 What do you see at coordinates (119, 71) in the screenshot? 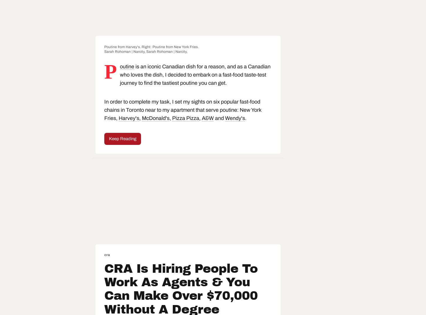
I see `'Poutine'` at bounding box center [119, 71].